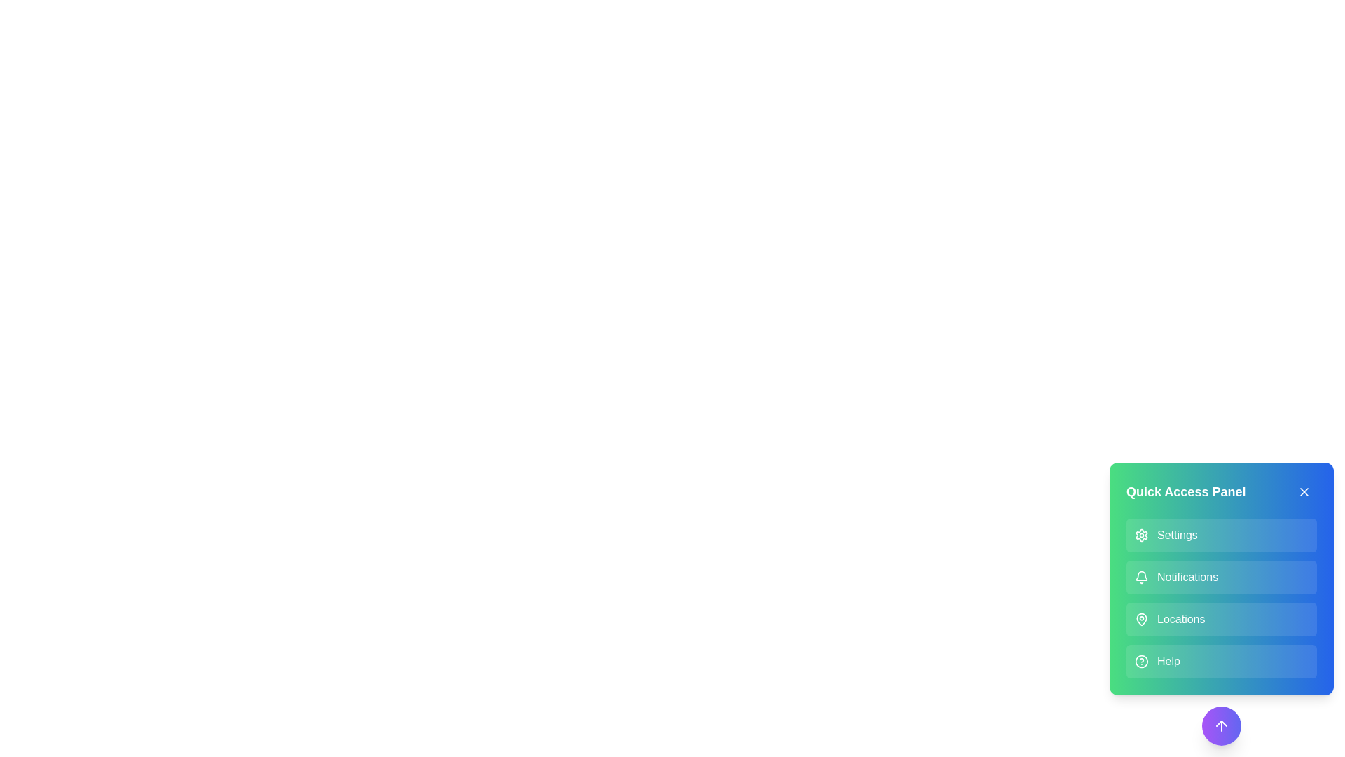 This screenshot has width=1345, height=757. Describe the element at coordinates (1142, 578) in the screenshot. I see `the bell icon element, which signifies notifications, located in the 'Notifications' option of the Quick Access Panel` at that location.